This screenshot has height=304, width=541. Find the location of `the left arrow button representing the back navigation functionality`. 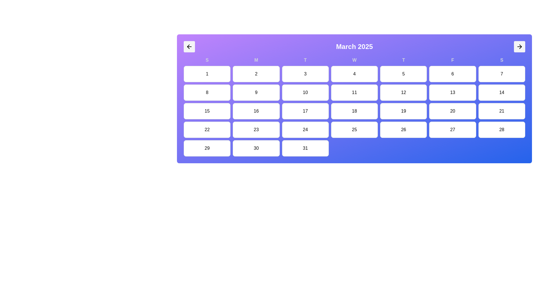

the left arrow button representing the back navigation functionality is located at coordinates (188, 46).